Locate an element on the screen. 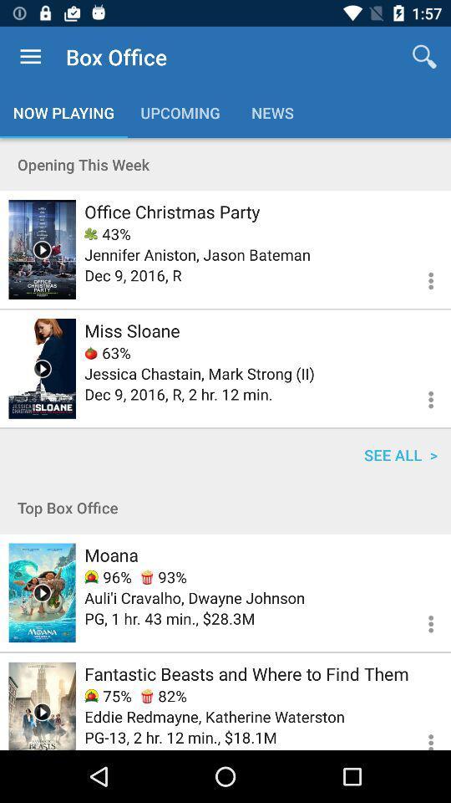 The width and height of the screenshot is (451, 803). 63% item is located at coordinates (108, 352).